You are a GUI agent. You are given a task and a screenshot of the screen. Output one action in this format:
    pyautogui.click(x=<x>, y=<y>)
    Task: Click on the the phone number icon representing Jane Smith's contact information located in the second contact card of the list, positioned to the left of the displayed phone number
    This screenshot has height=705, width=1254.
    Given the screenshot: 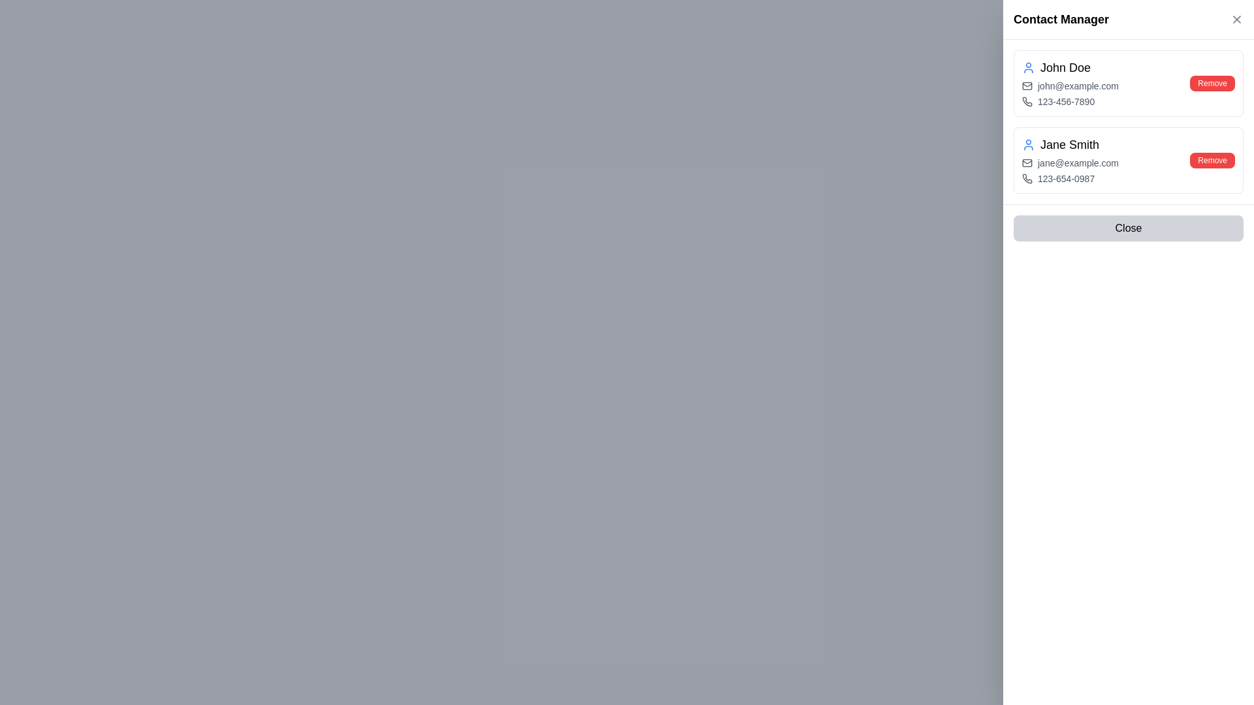 What is the action you would take?
    pyautogui.click(x=1027, y=178)
    